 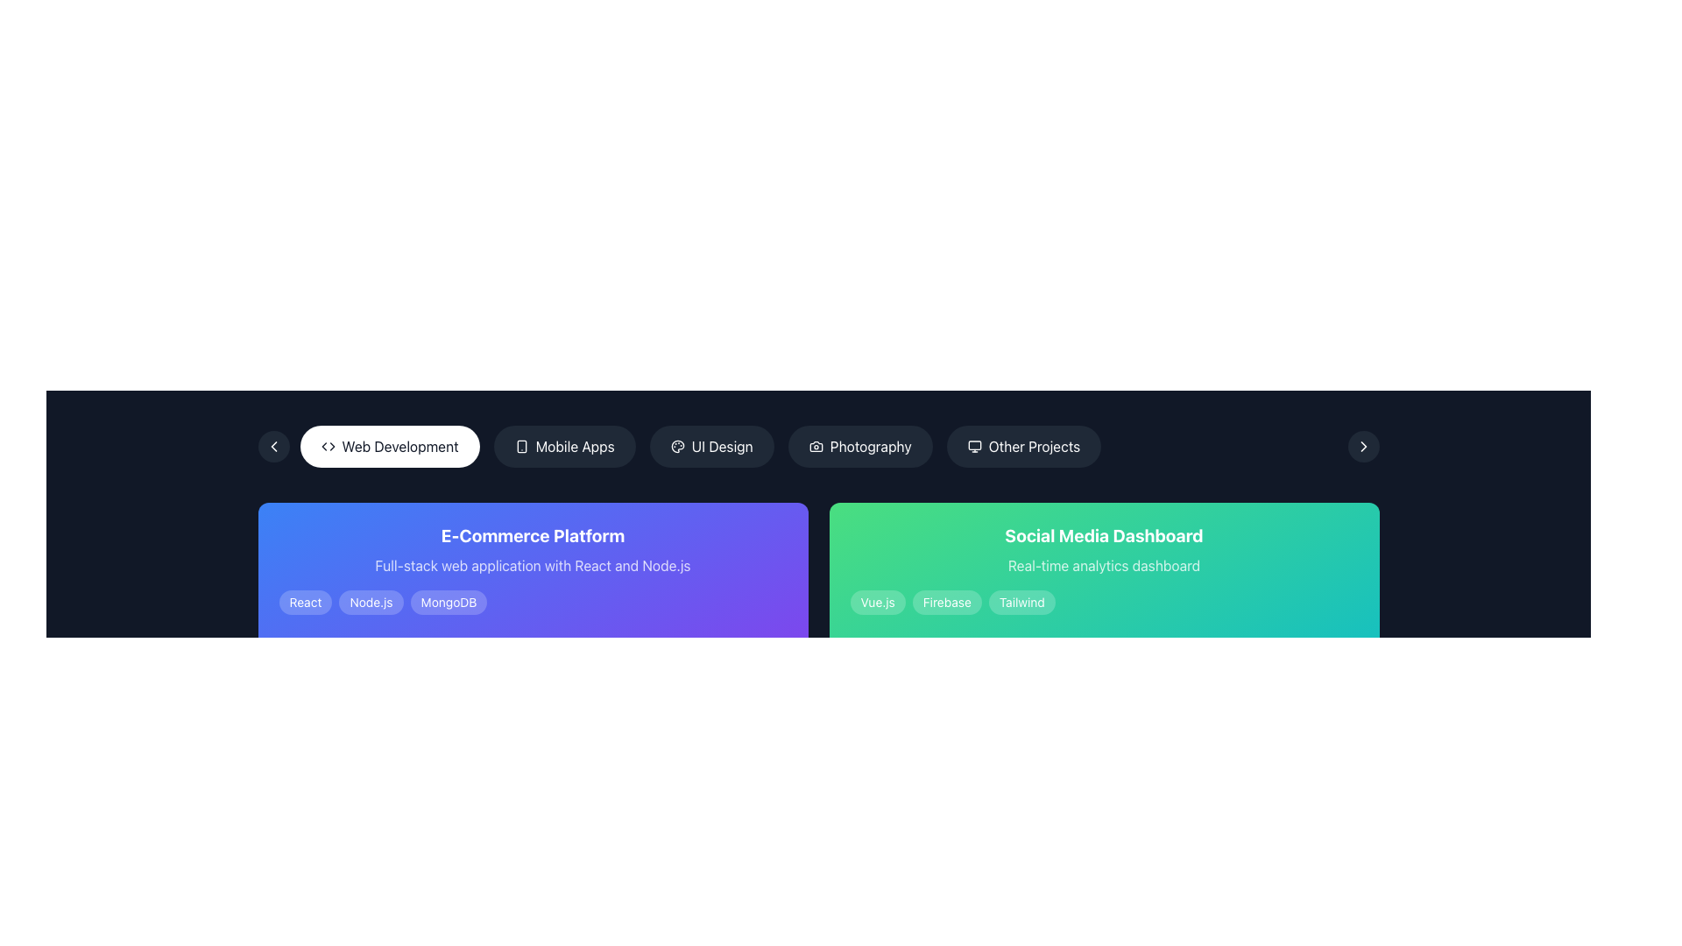 I want to click on the content of the text label displaying the title 'Social Media Dashboard', which is styled in bold white font against a green gradient background, so click(x=1103, y=535).